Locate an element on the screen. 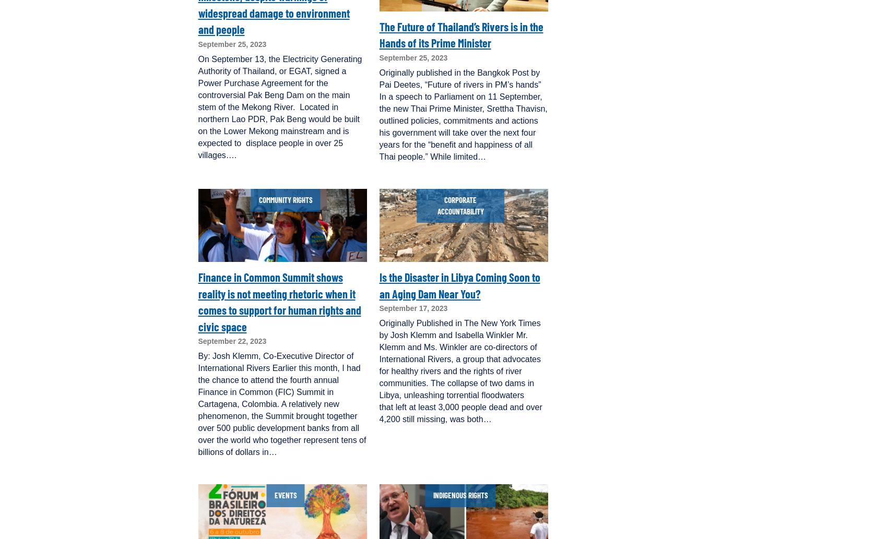 The image size is (887, 539). 'Finance in Common Summit shows reality is not meeting rhetoric when it comes to support for human rights and civic space' is located at coordinates (279, 301).